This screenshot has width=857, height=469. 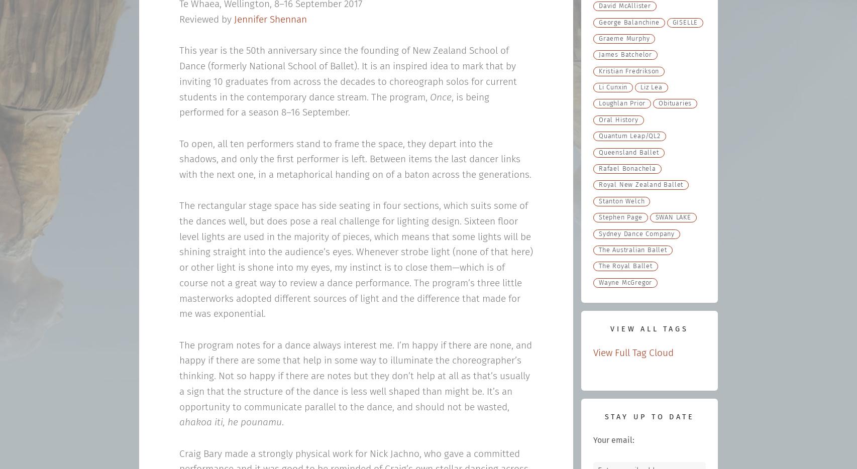 I want to click on ', is being performed for a season 8–16 September.', so click(x=334, y=104).